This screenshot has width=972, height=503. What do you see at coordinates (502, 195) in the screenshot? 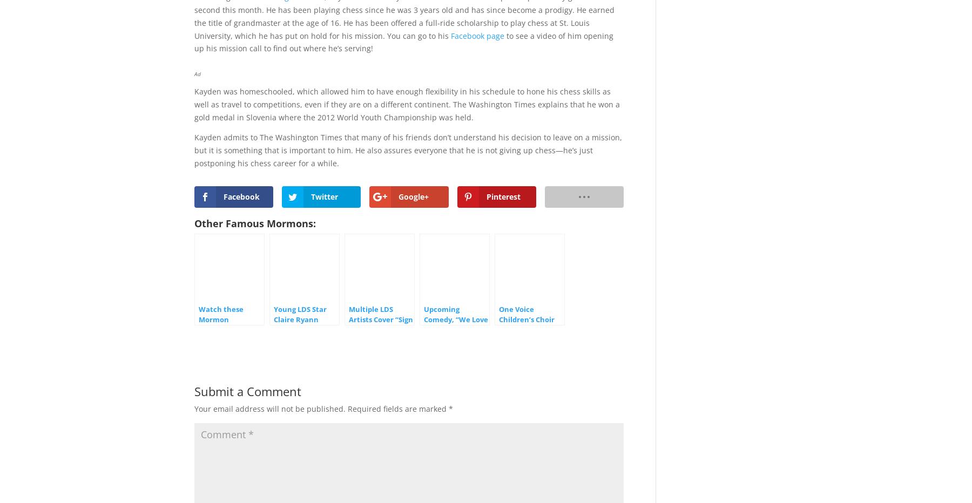
I see `'Pinterest'` at bounding box center [502, 195].